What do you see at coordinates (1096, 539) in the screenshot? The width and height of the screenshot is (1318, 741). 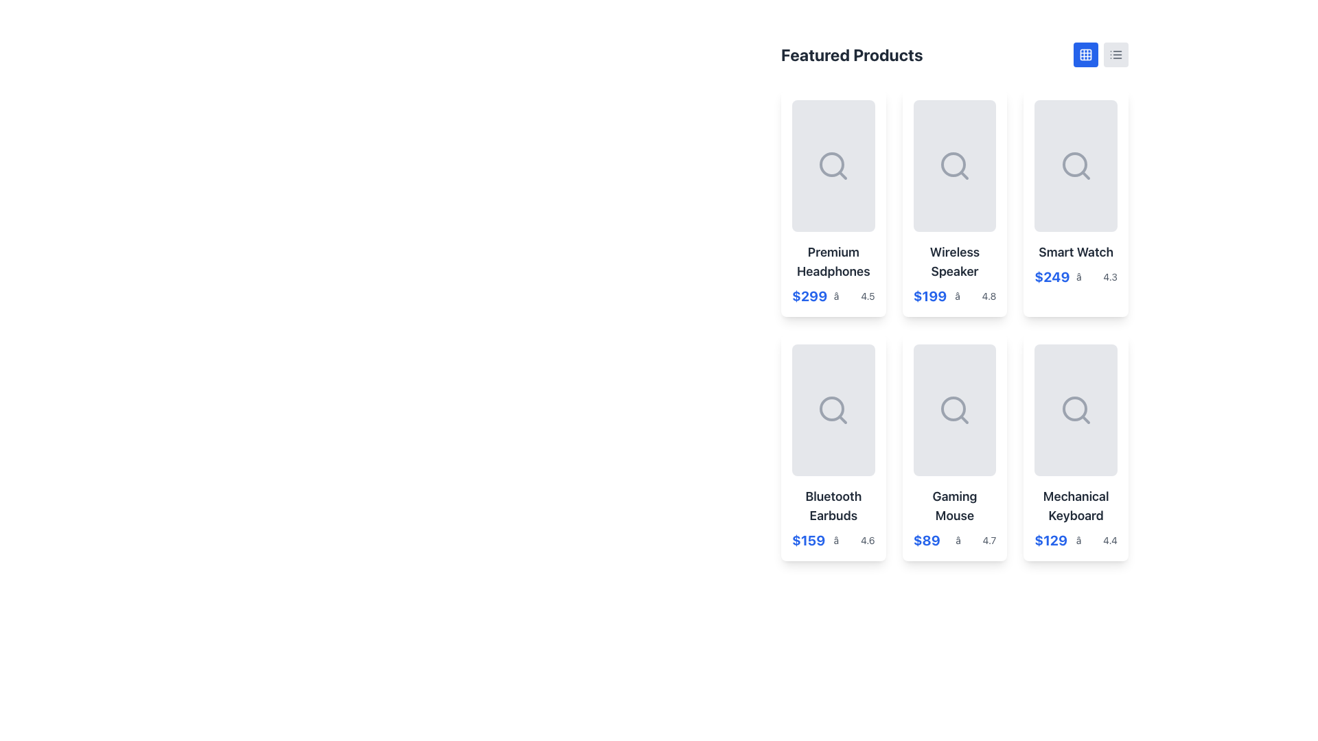 I see `the static text label displaying the rating '4.4' located beneath the product price '$129' in the Mechanical Keyboard product card` at bounding box center [1096, 539].